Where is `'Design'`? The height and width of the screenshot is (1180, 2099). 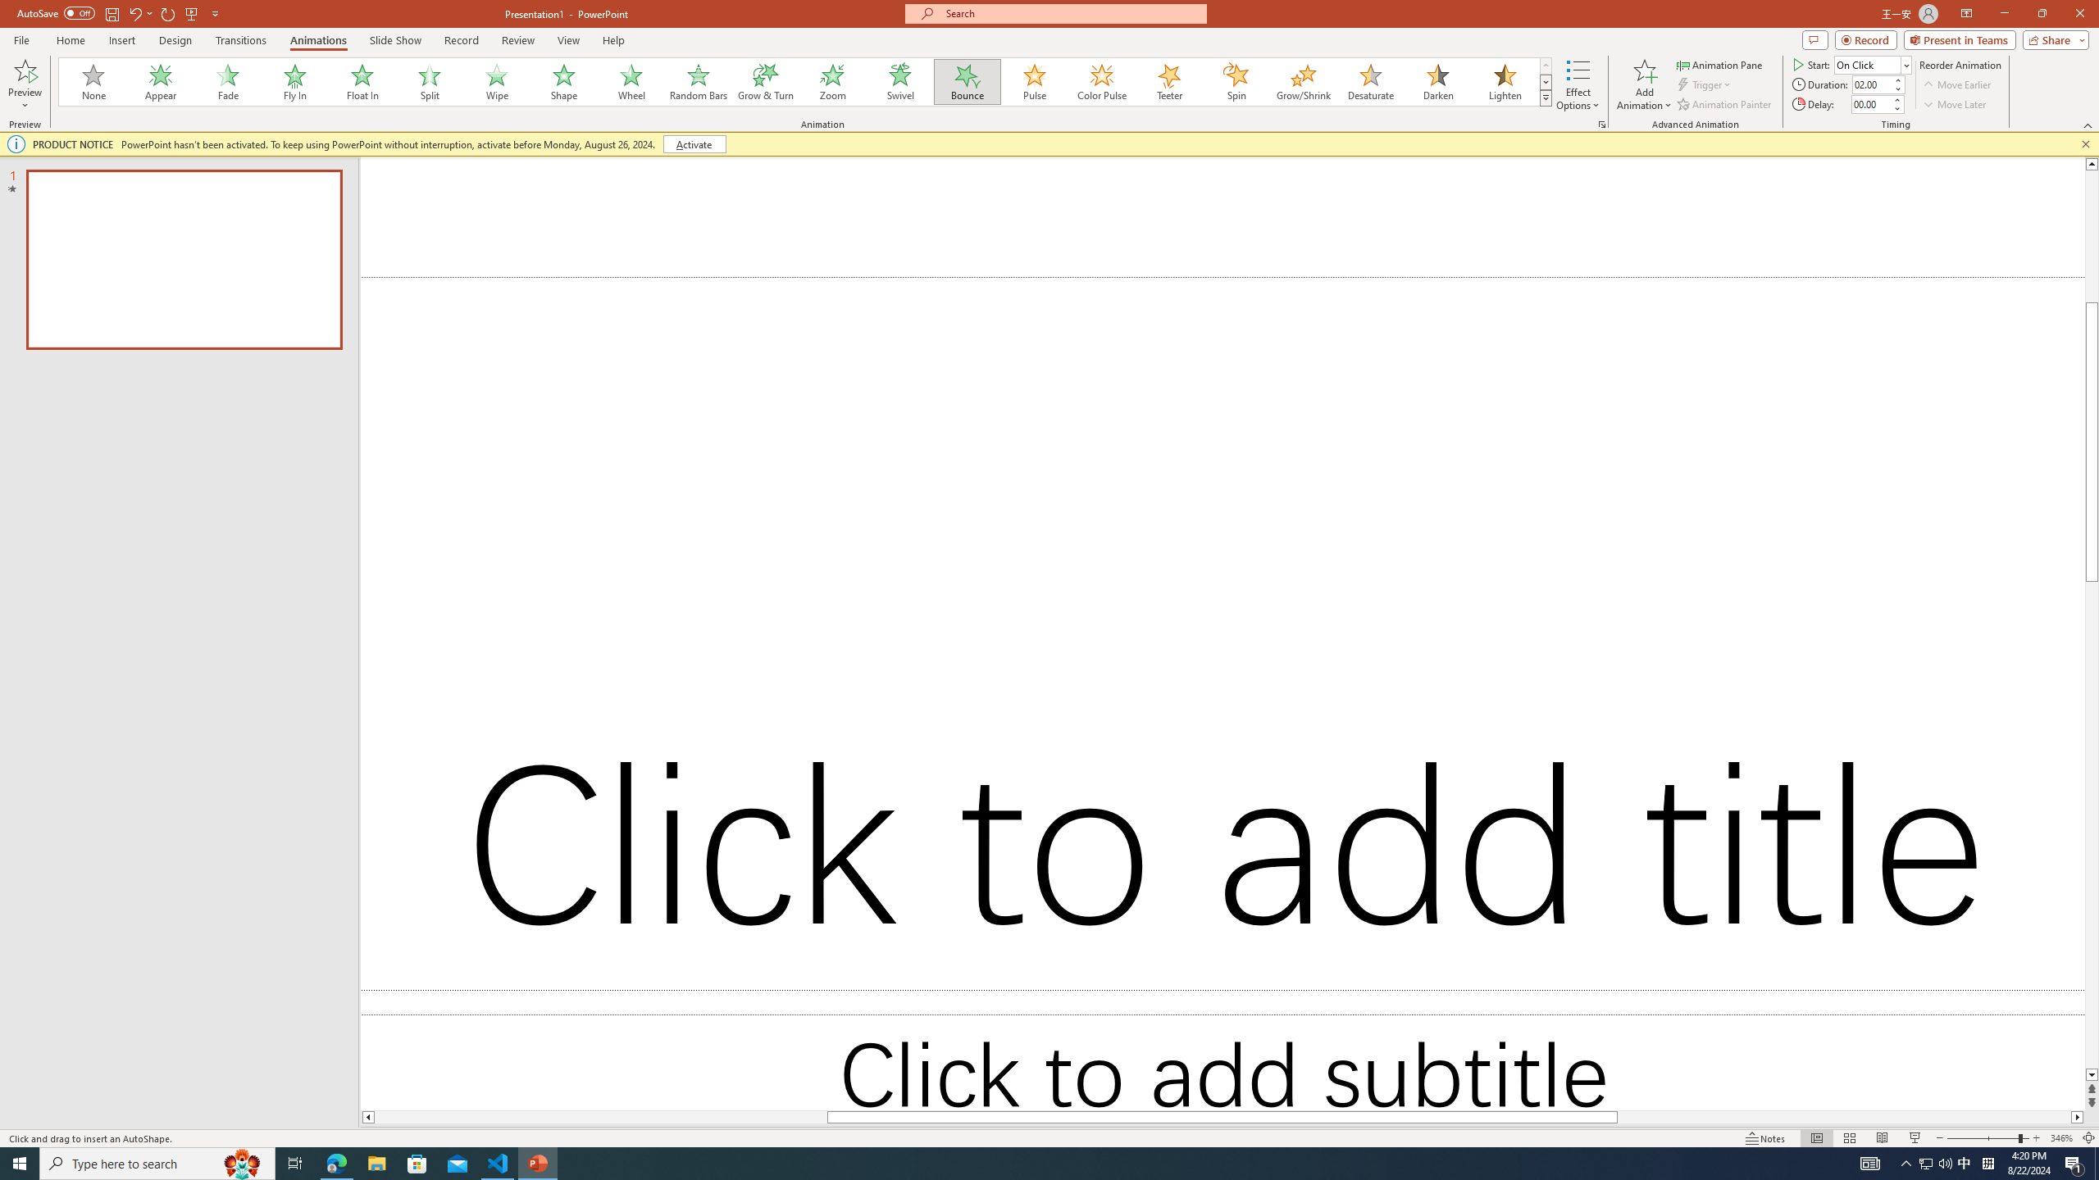
'Design' is located at coordinates (176, 40).